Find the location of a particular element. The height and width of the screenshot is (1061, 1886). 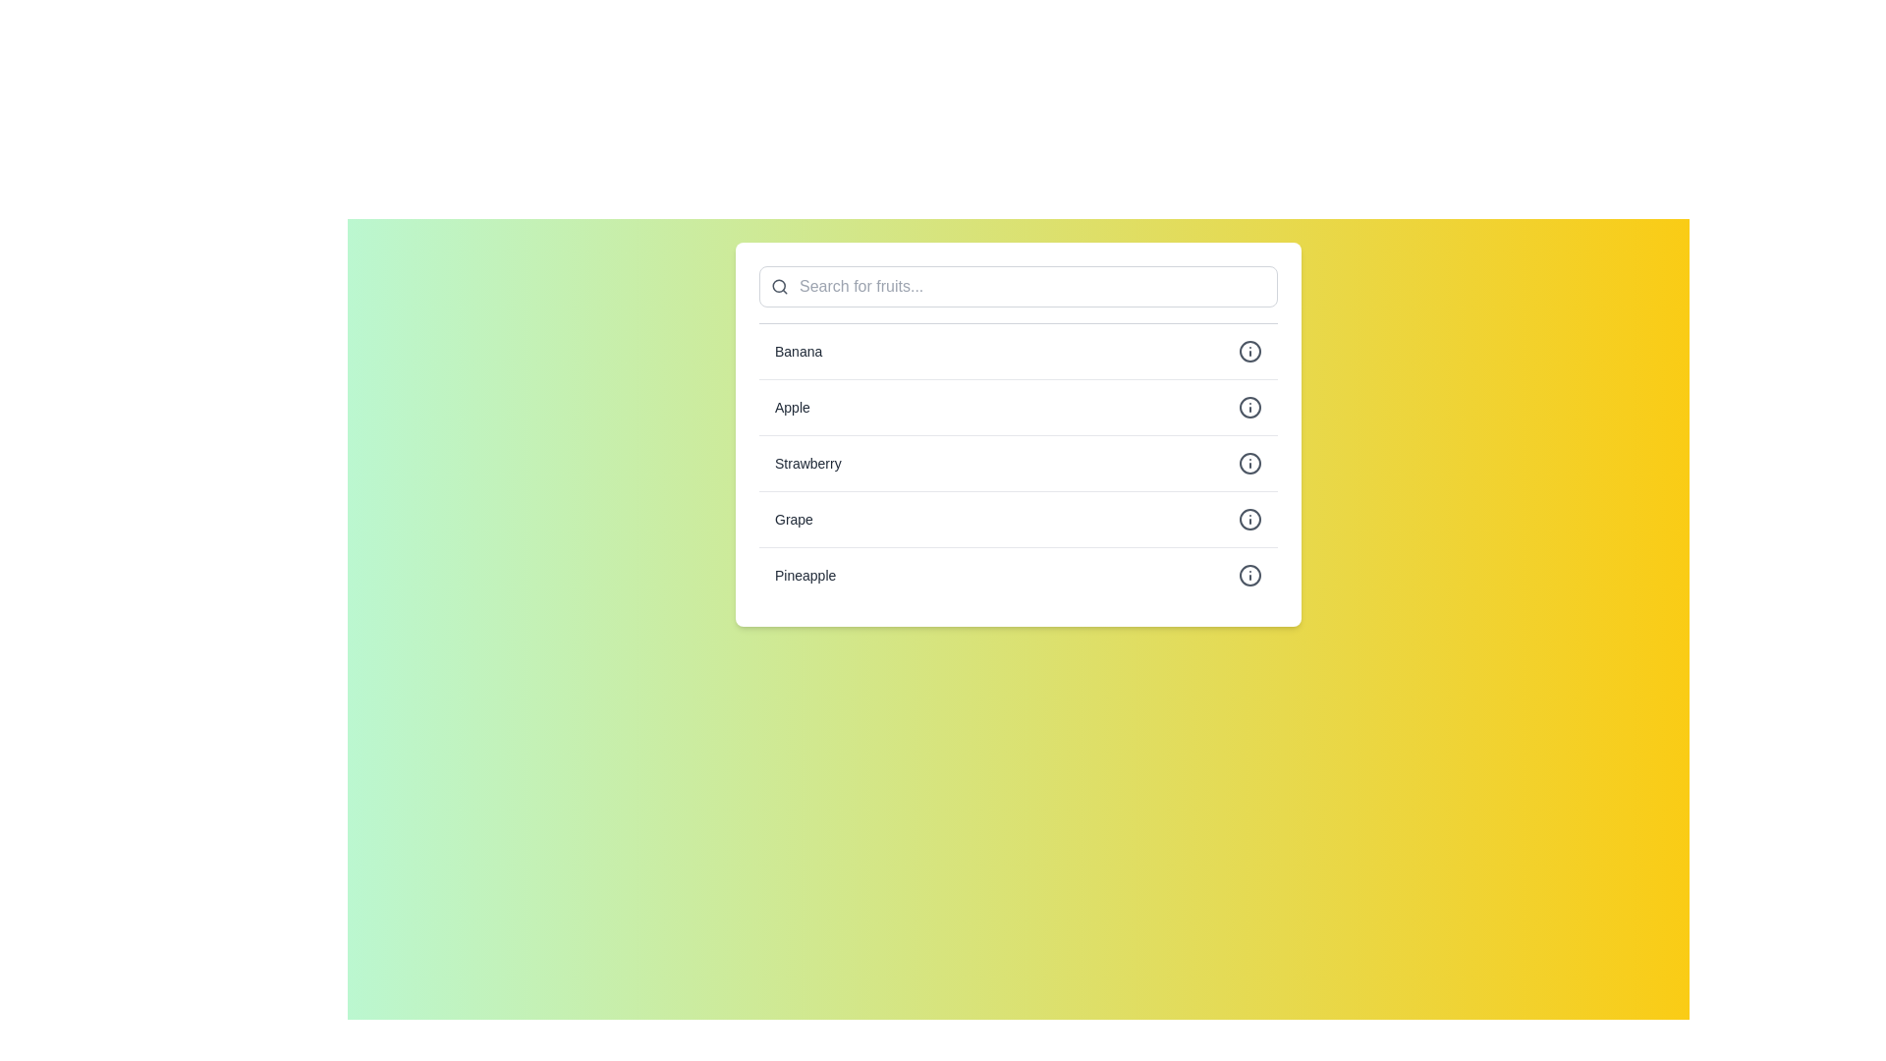

the Text label that represents the item 'Grape' in the vertical list within the card-like UI is located at coordinates (794, 518).